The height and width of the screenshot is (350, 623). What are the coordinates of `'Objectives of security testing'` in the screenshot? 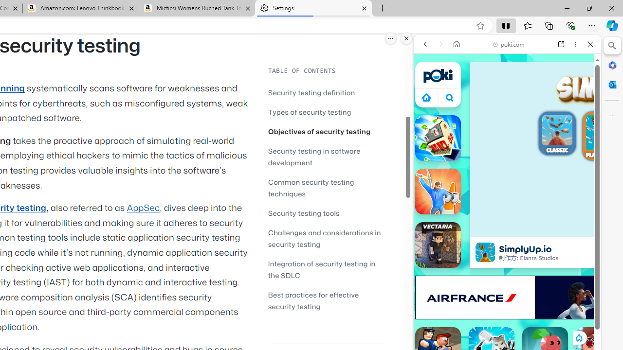 It's located at (326, 131).